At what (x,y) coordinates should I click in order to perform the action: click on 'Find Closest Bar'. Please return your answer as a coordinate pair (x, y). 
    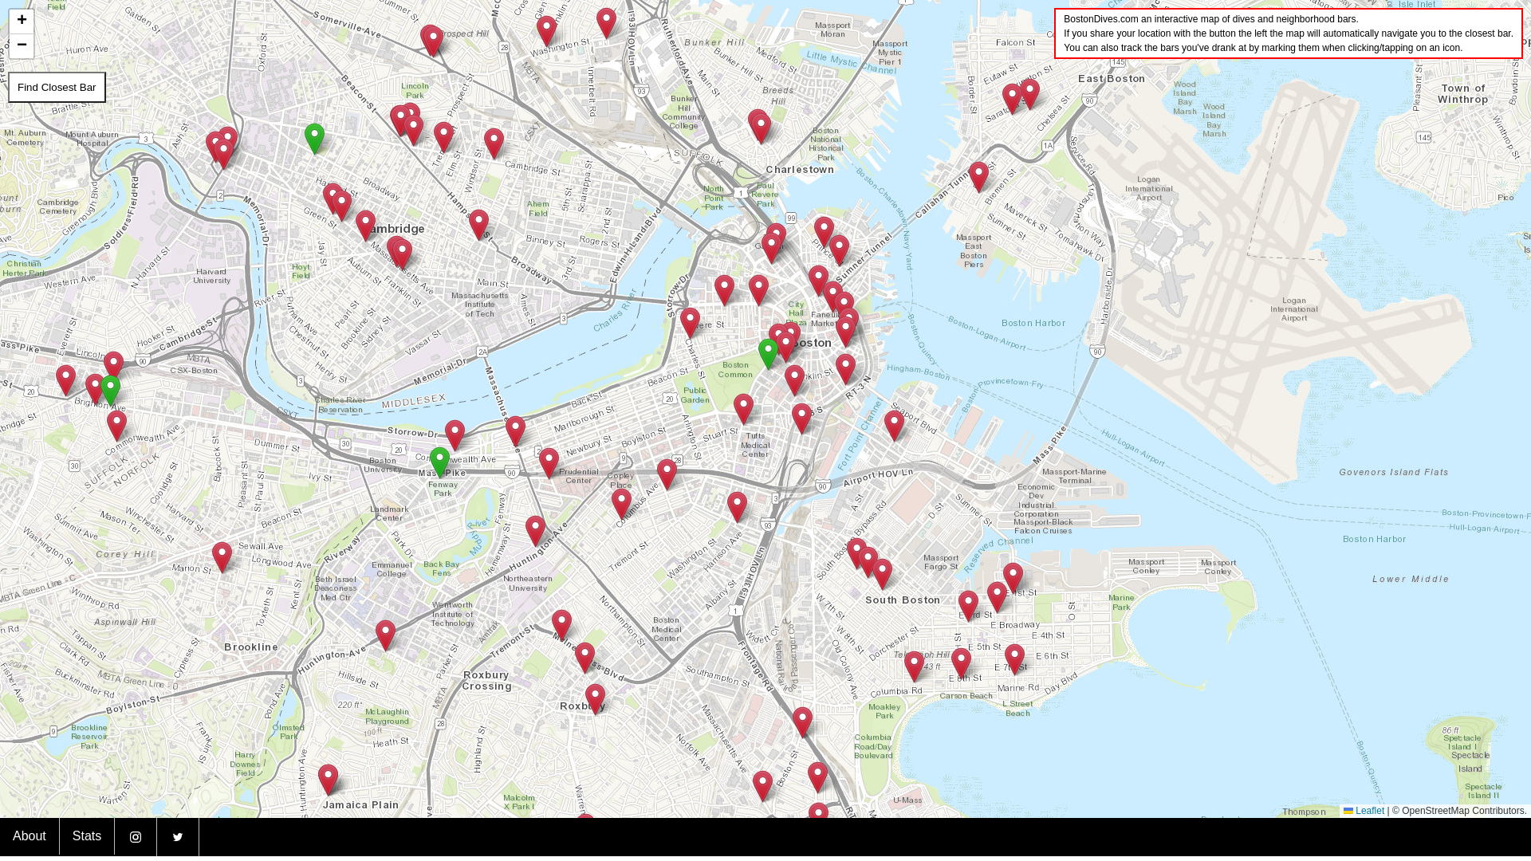
    Looking at the image, I should click on (57, 87).